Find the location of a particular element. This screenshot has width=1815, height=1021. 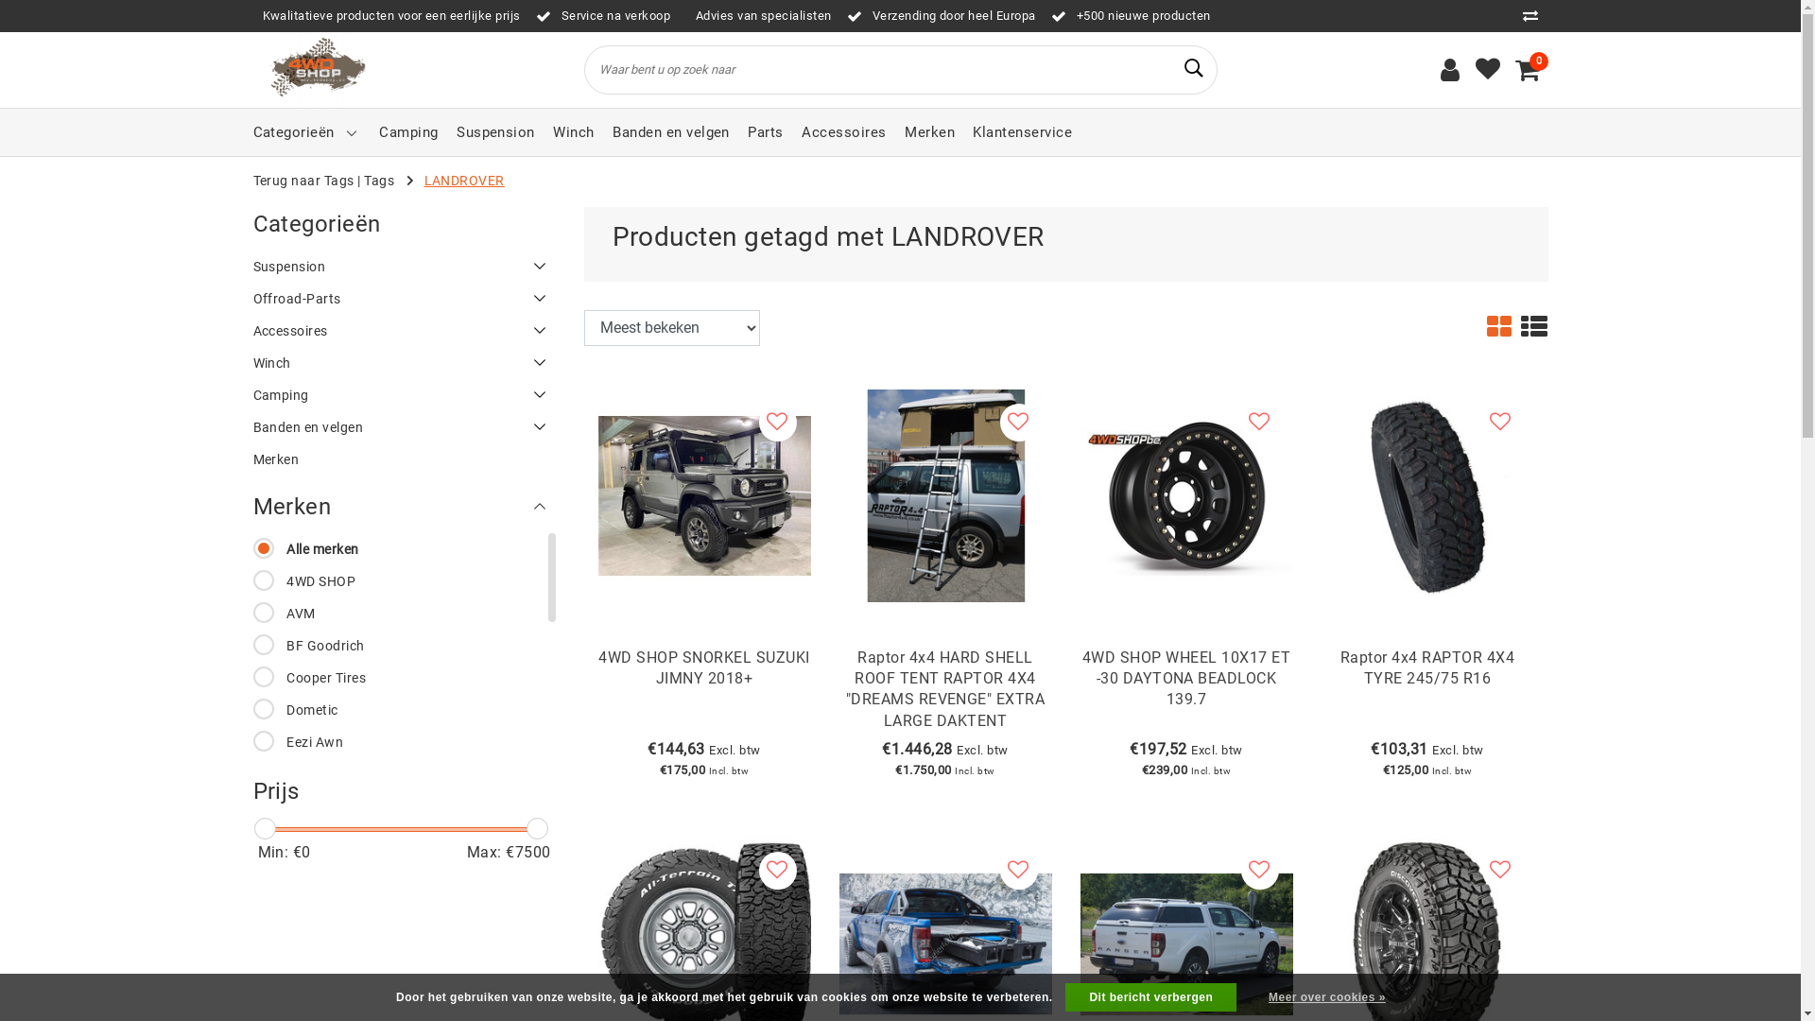

'+500 nieuwe producten' is located at coordinates (1131, 15).